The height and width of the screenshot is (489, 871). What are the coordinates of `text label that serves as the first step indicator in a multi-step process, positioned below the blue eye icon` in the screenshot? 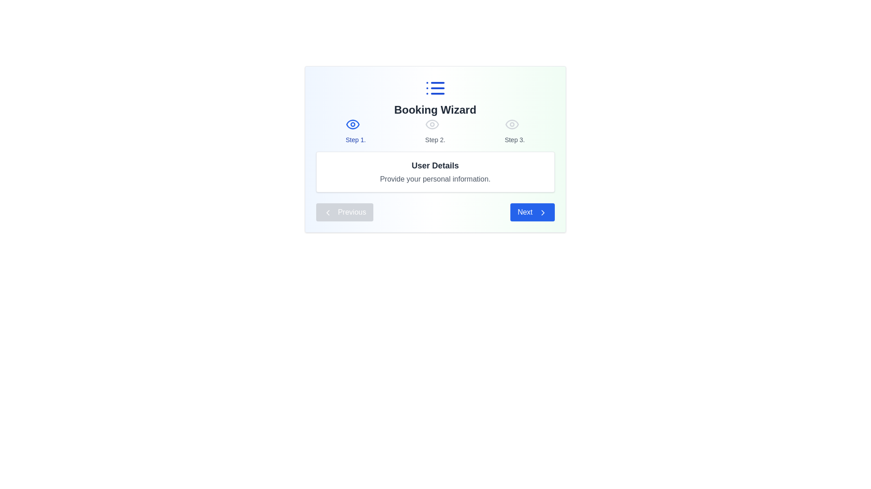 It's located at (355, 139).